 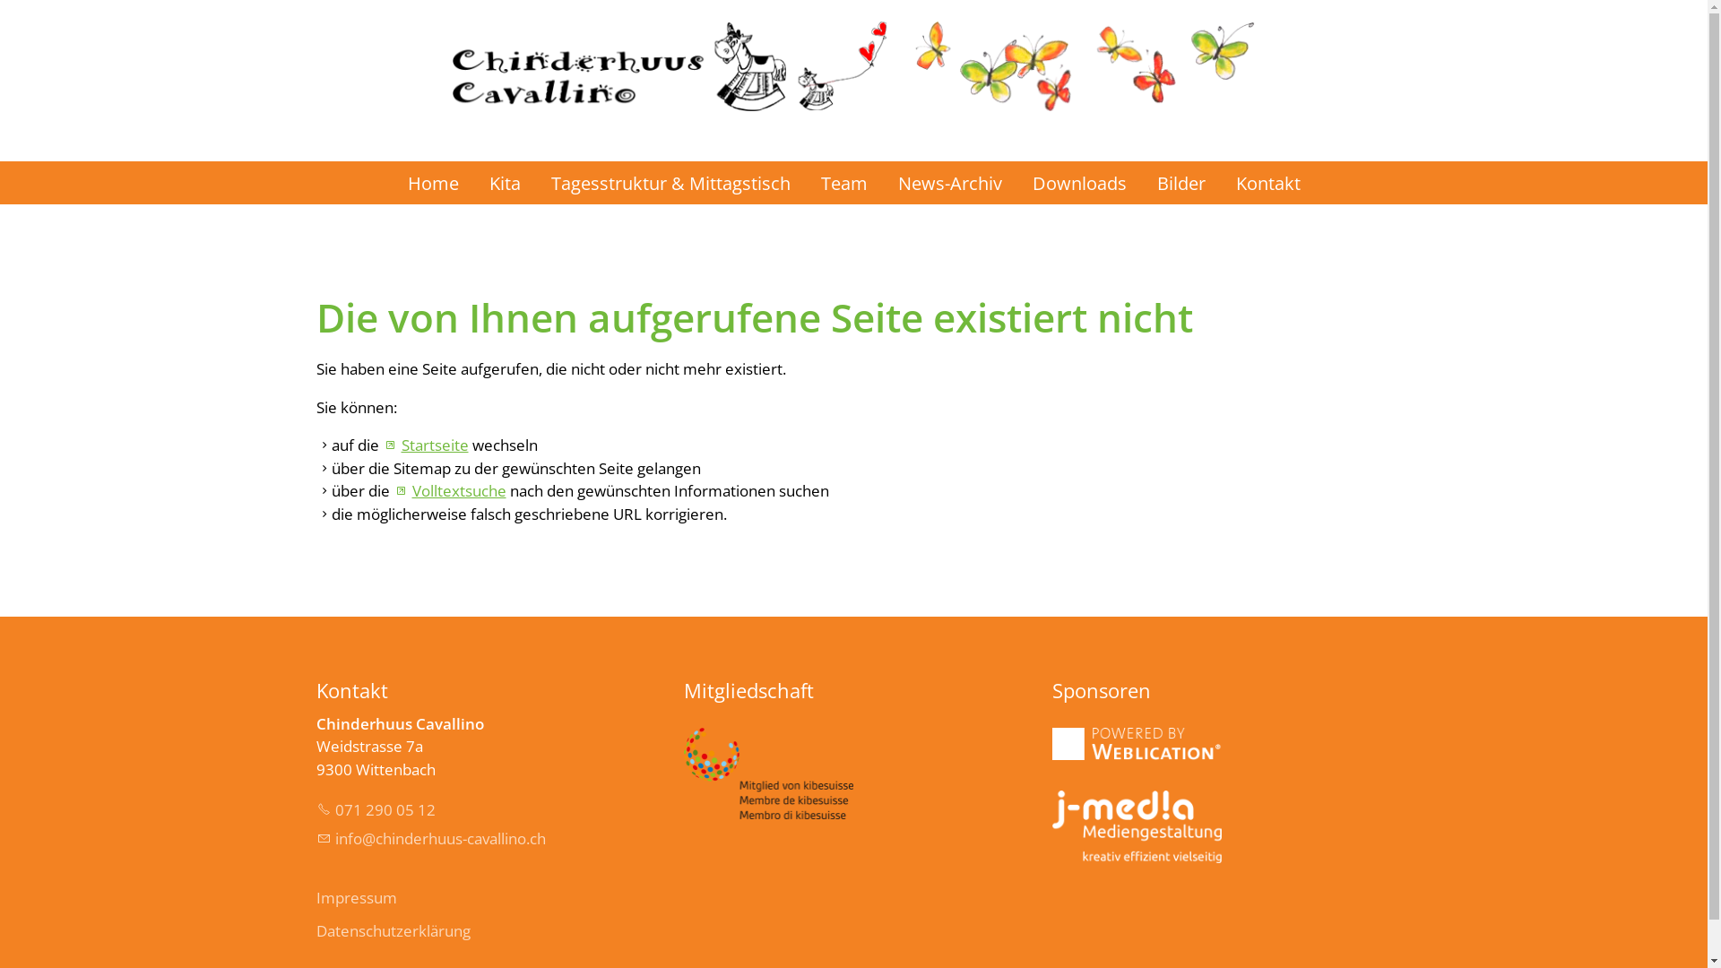 I want to click on 'Bilder', so click(x=1181, y=183).